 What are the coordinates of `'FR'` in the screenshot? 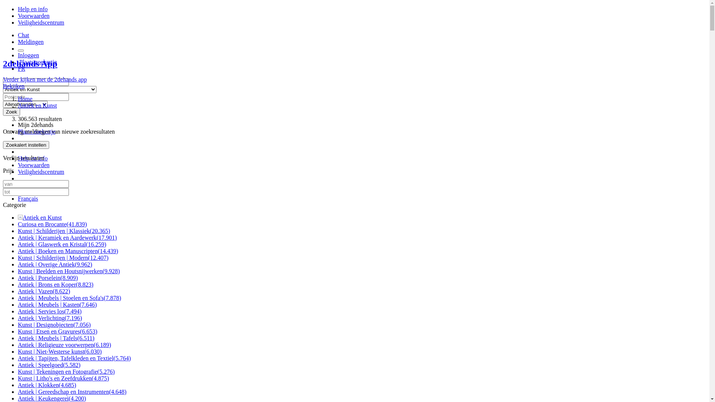 It's located at (21, 68).